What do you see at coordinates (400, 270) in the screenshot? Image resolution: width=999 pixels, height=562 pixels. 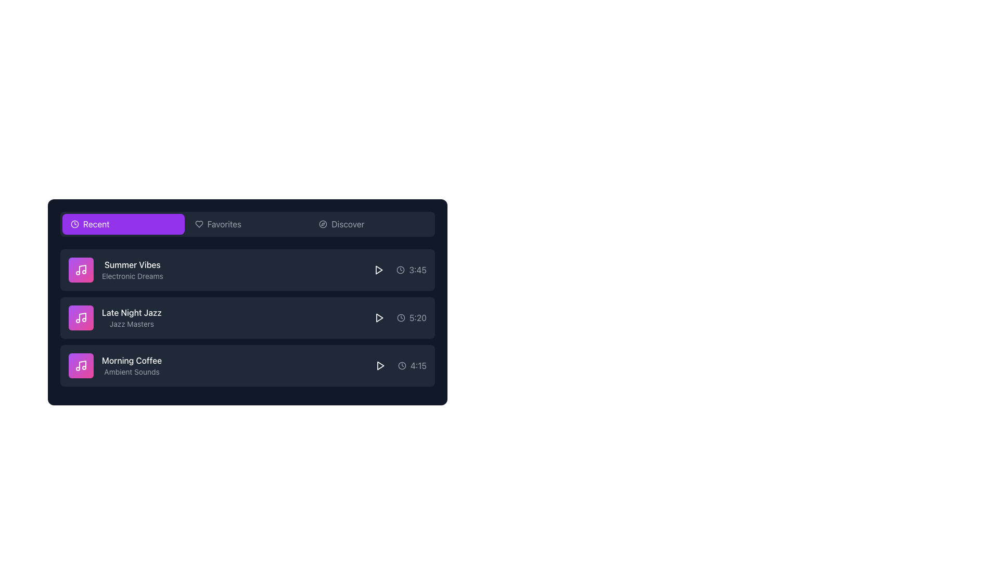 I see `the time-related icon located to the left of the text '3:45', which is part of the first item labeled 'Summer Vibes'` at bounding box center [400, 270].